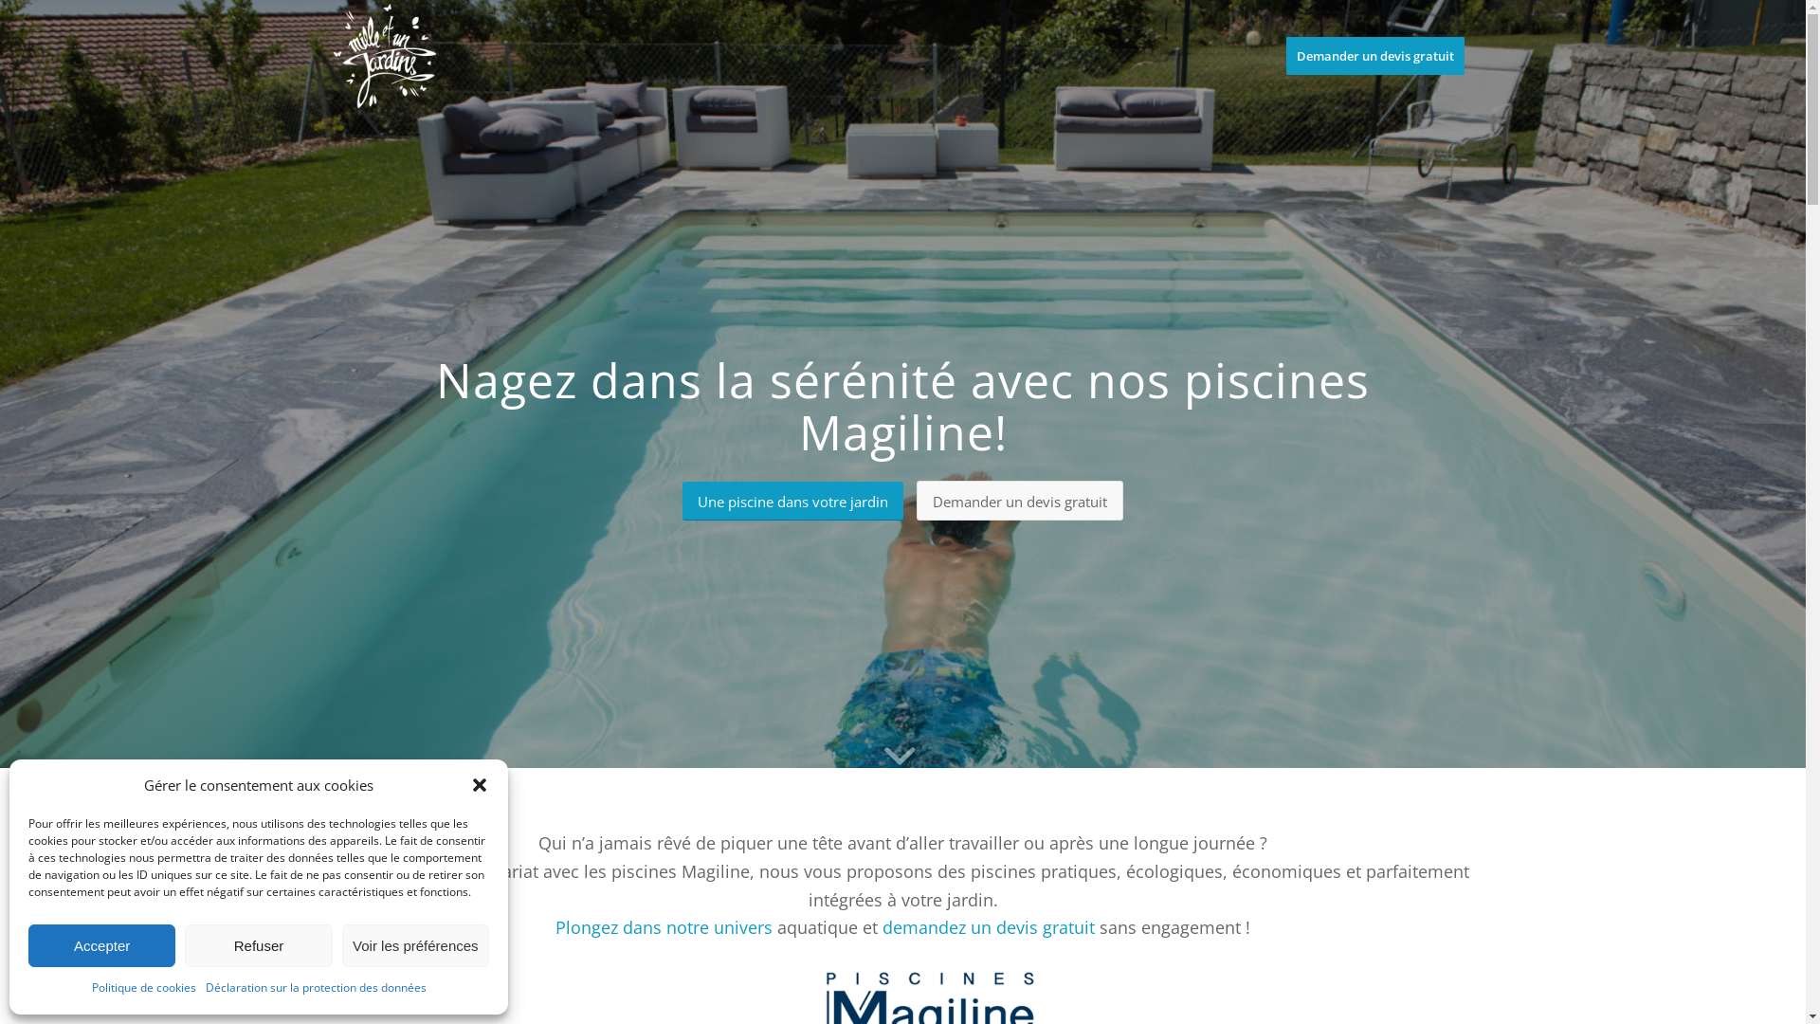 The image size is (1820, 1024). Describe the element at coordinates (987, 926) in the screenshot. I see `'demandez un devis gratuit'` at that location.